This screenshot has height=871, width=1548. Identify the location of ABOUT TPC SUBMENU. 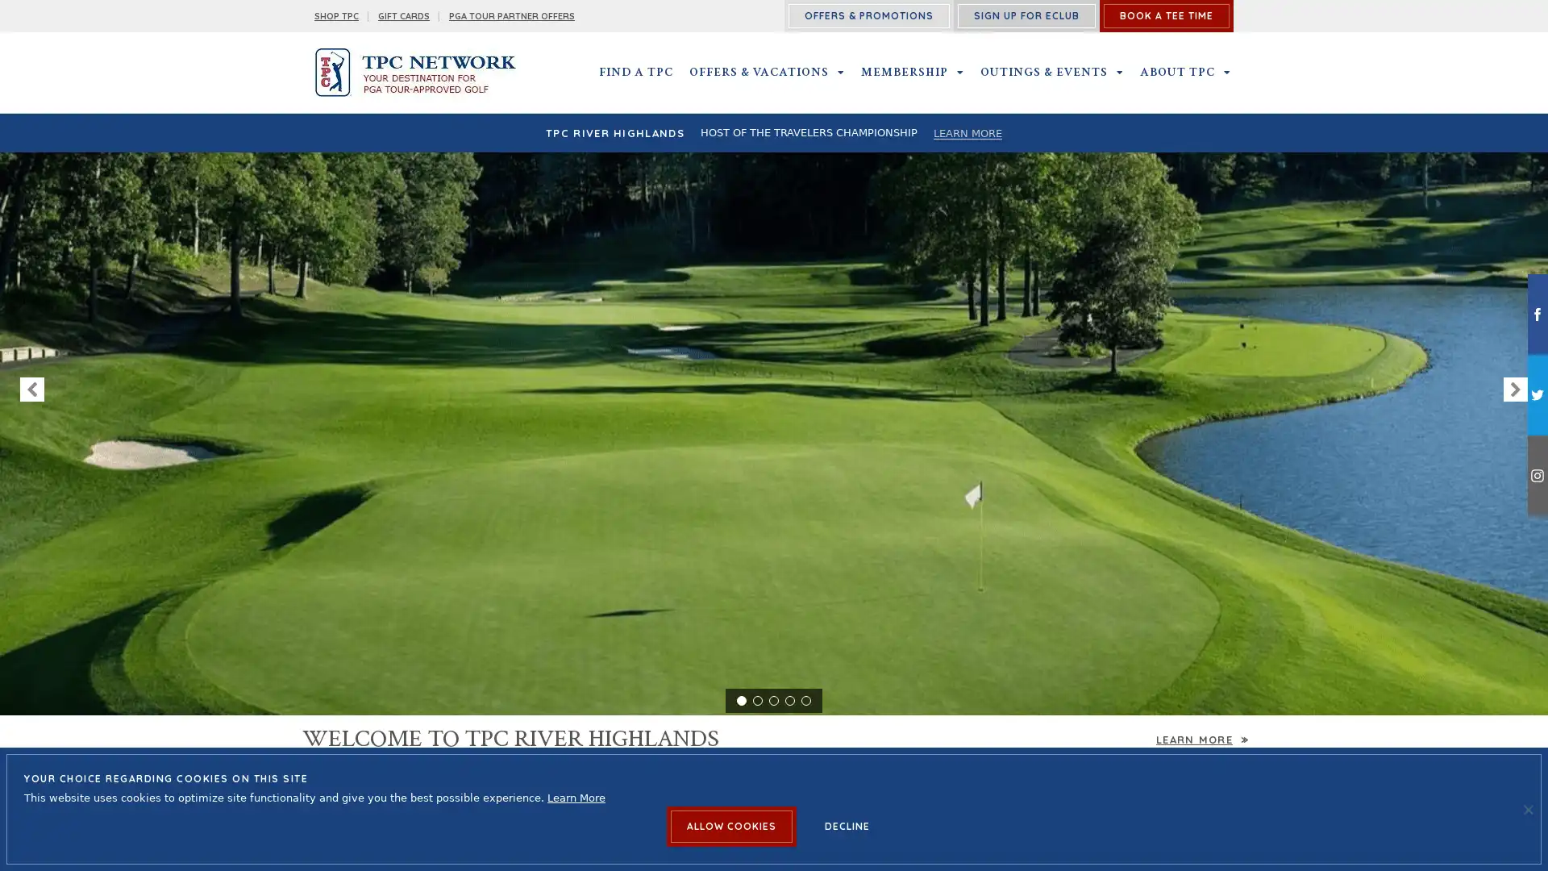
(1225, 71).